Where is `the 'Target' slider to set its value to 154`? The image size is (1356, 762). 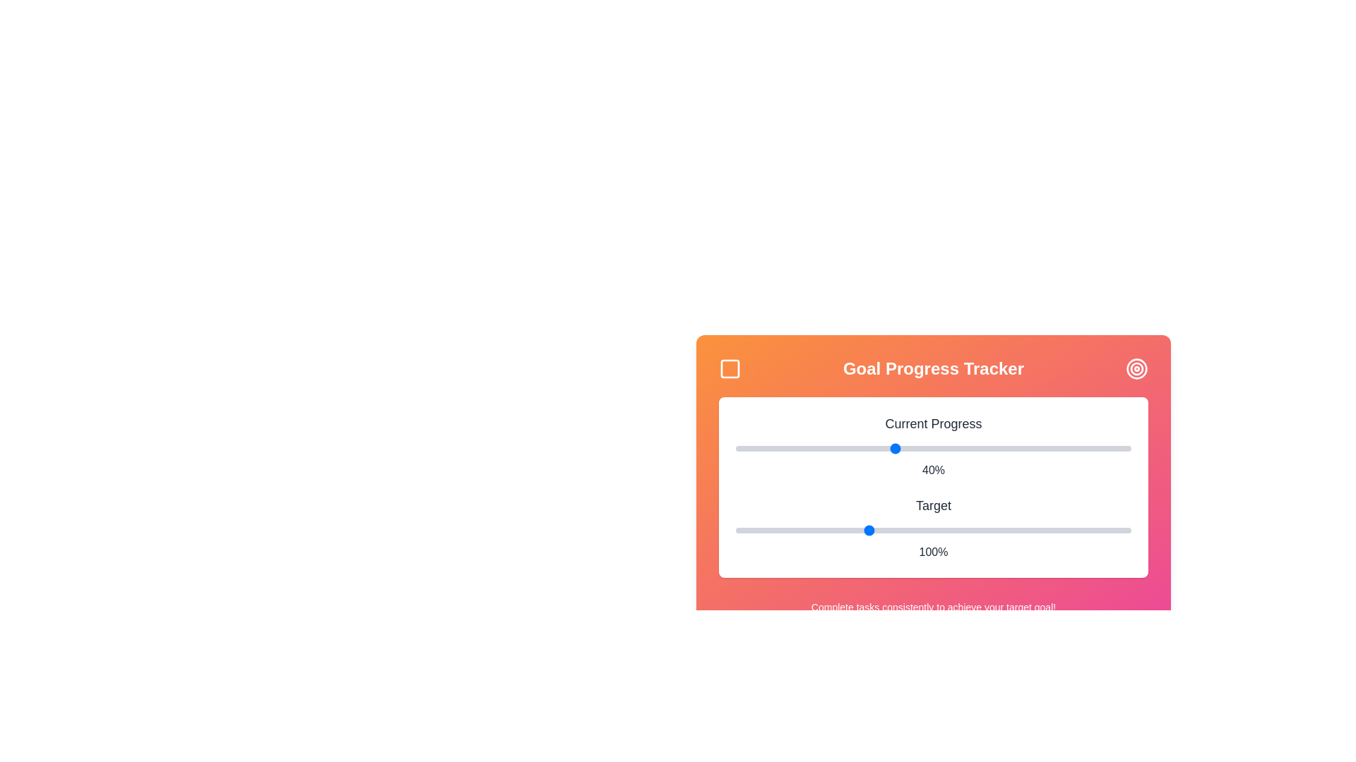 the 'Target' slider to set its value to 154 is located at coordinates (1009, 531).